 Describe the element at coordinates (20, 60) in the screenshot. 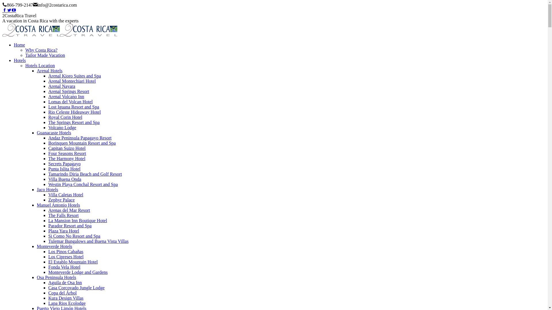

I see `'Hotels'` at that location.